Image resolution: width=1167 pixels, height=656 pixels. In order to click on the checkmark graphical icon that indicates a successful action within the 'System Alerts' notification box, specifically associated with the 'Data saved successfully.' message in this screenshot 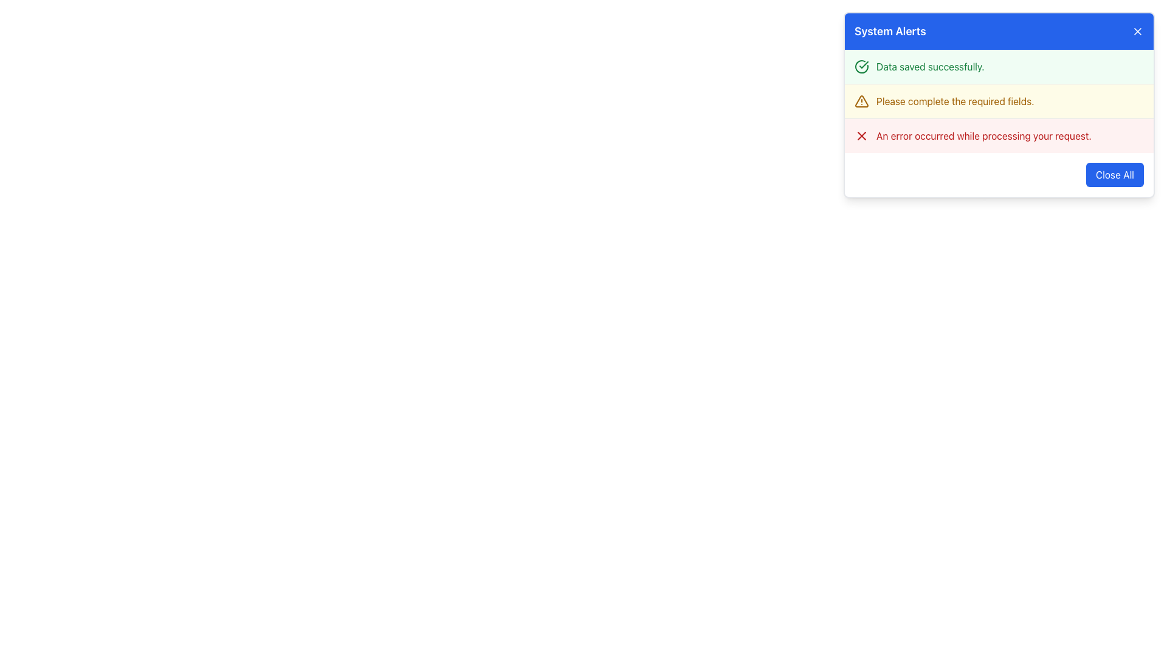, I will do `click(863, 65)`.